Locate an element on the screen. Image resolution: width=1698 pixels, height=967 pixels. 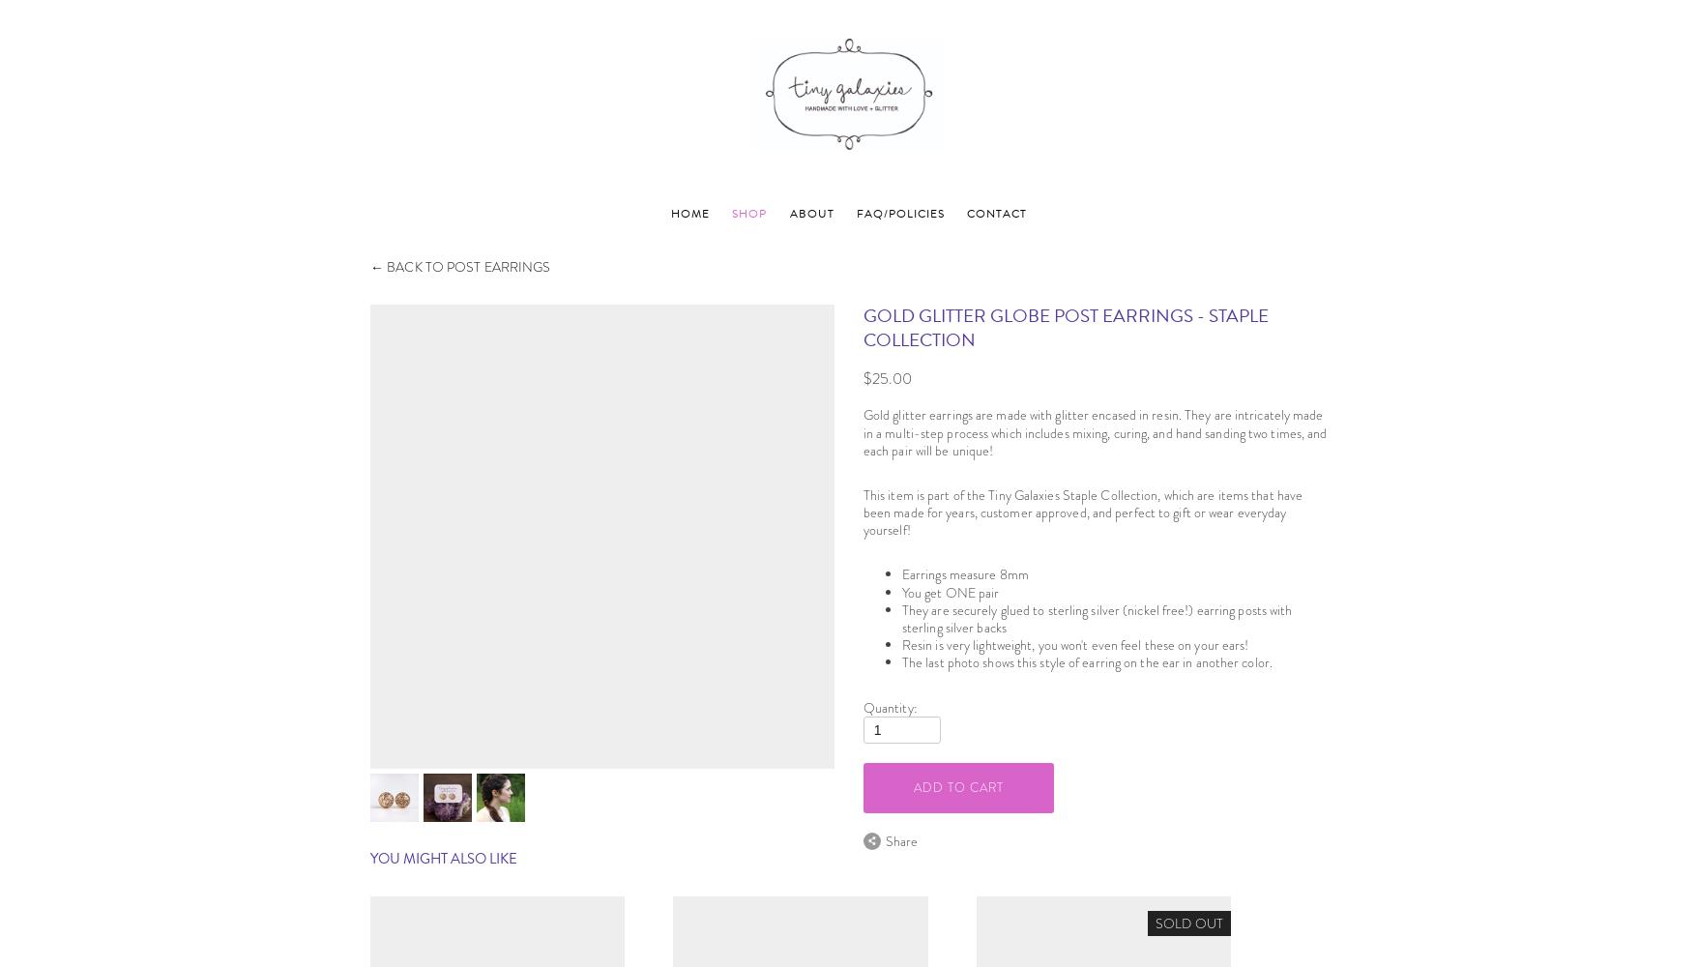
'sold out' is located at coordinates (1187, 922).